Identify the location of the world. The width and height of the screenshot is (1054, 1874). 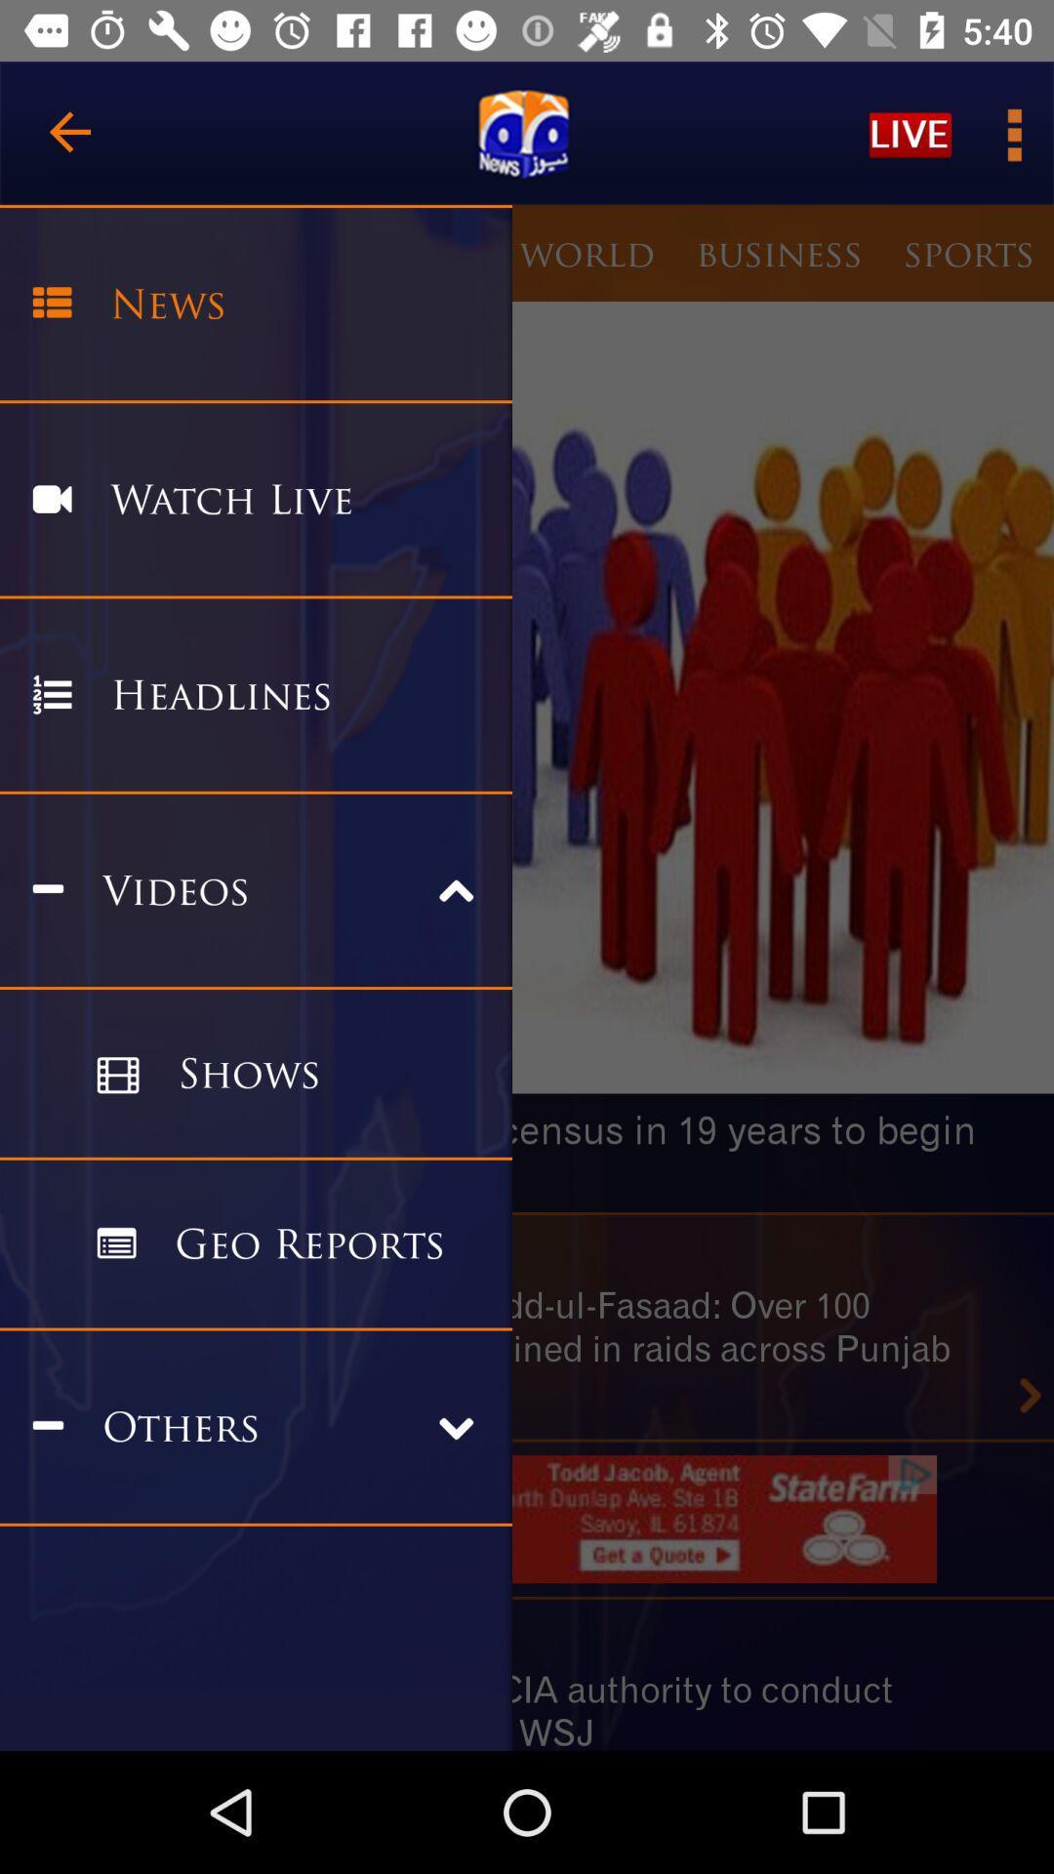
(586, 252).